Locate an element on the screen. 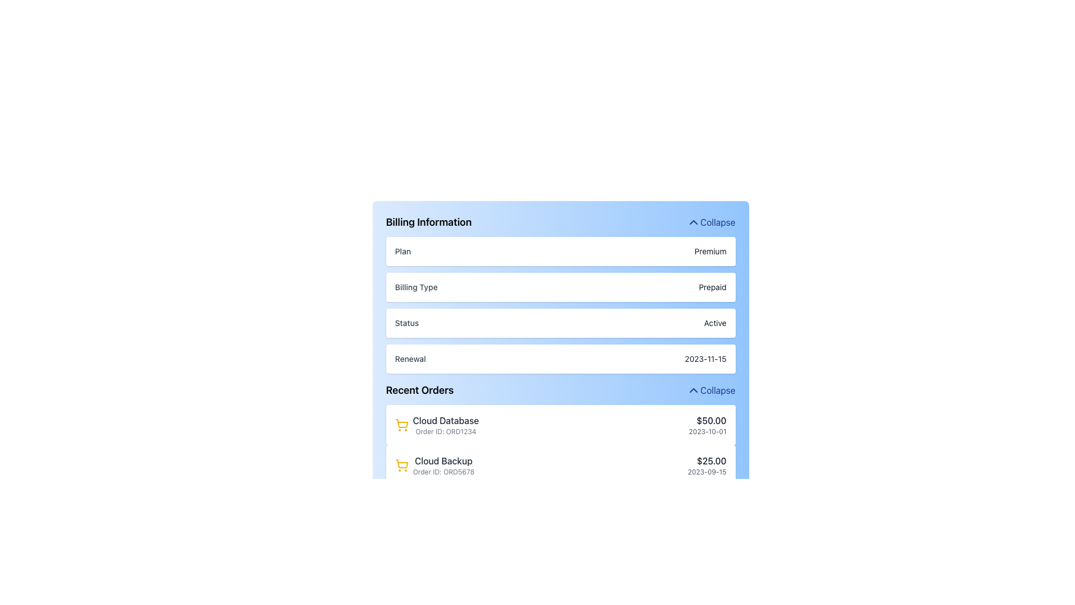  the static text element stating 'Order ID: ORD5678', which is located beneath the title 'Cloud Backup' in the 'Recent Orders' panel is located at coordinates (443, 472).